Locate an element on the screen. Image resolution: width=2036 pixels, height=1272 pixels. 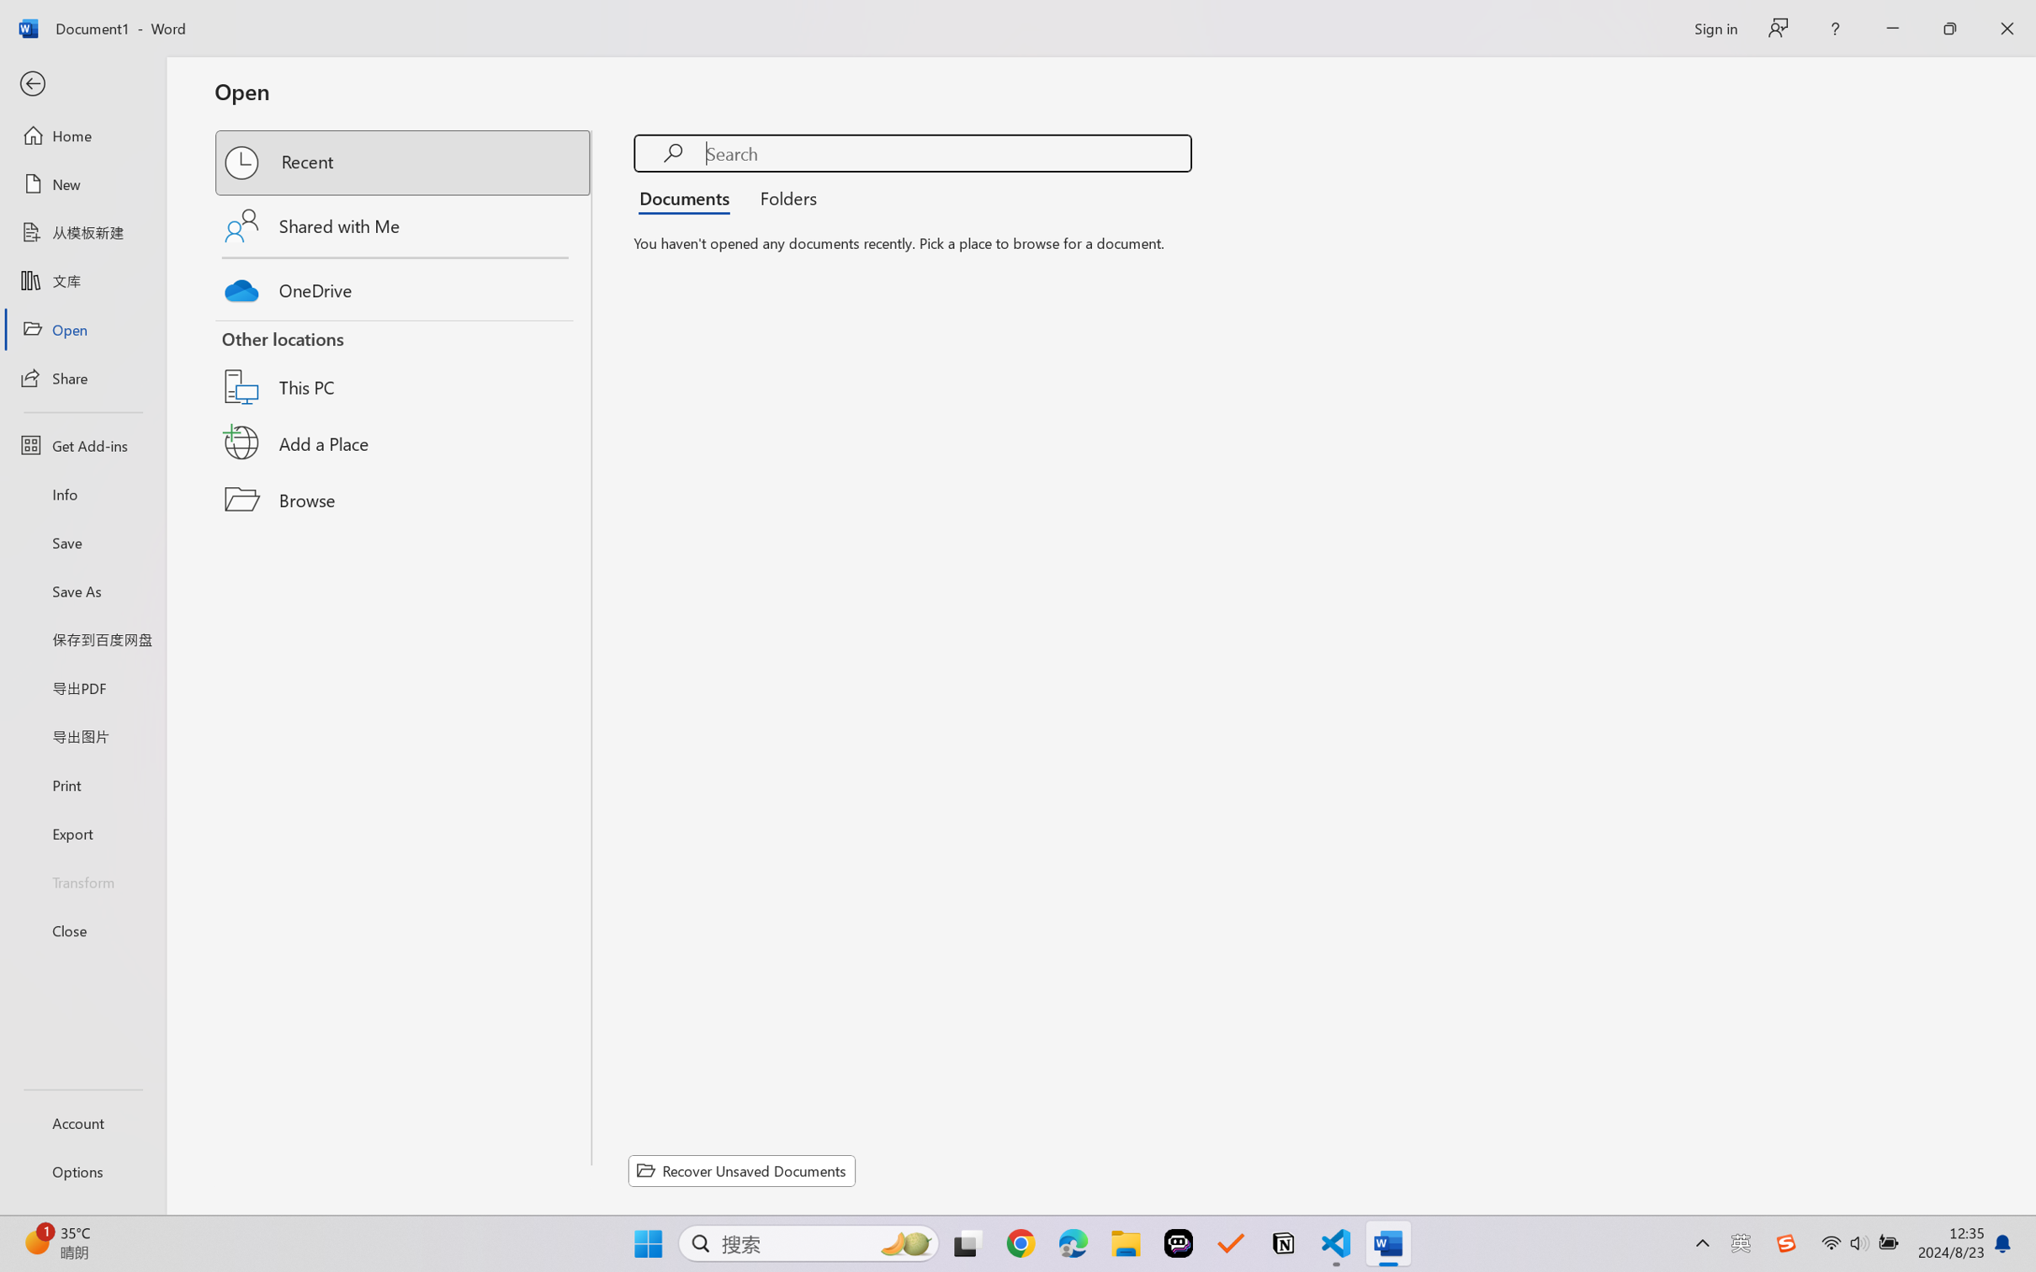
'Get Add-ins' is located at coordinates (82, 444).